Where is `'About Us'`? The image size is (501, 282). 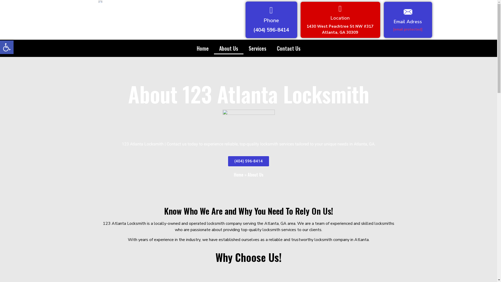 'About Us' is located at coordinates (229, 48).